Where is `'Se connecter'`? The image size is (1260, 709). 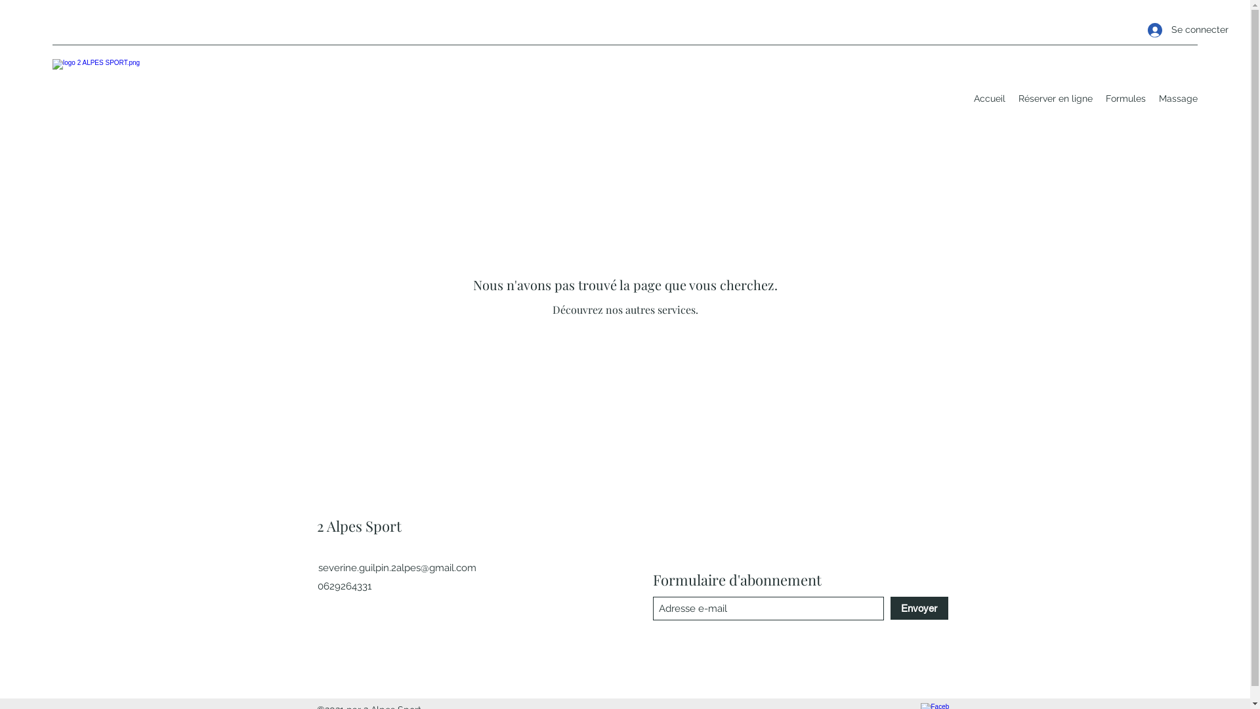
'Se connecter' is located at coordinates (1168, 30).